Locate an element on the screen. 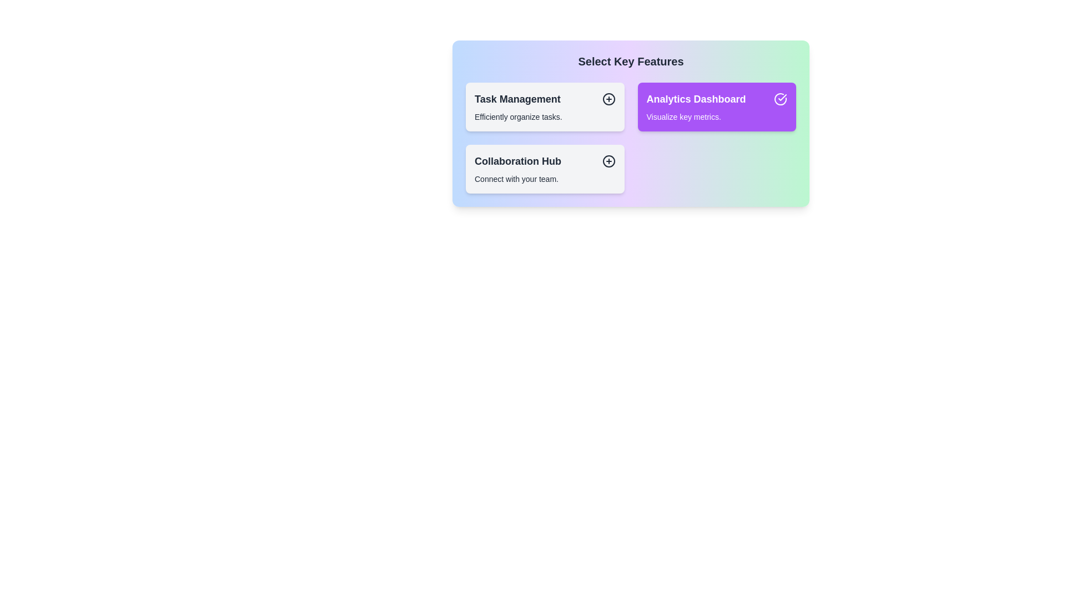 This screenshot has width=1066, height=599. the item Collaboration Hub is located at coordinates (545, 169).